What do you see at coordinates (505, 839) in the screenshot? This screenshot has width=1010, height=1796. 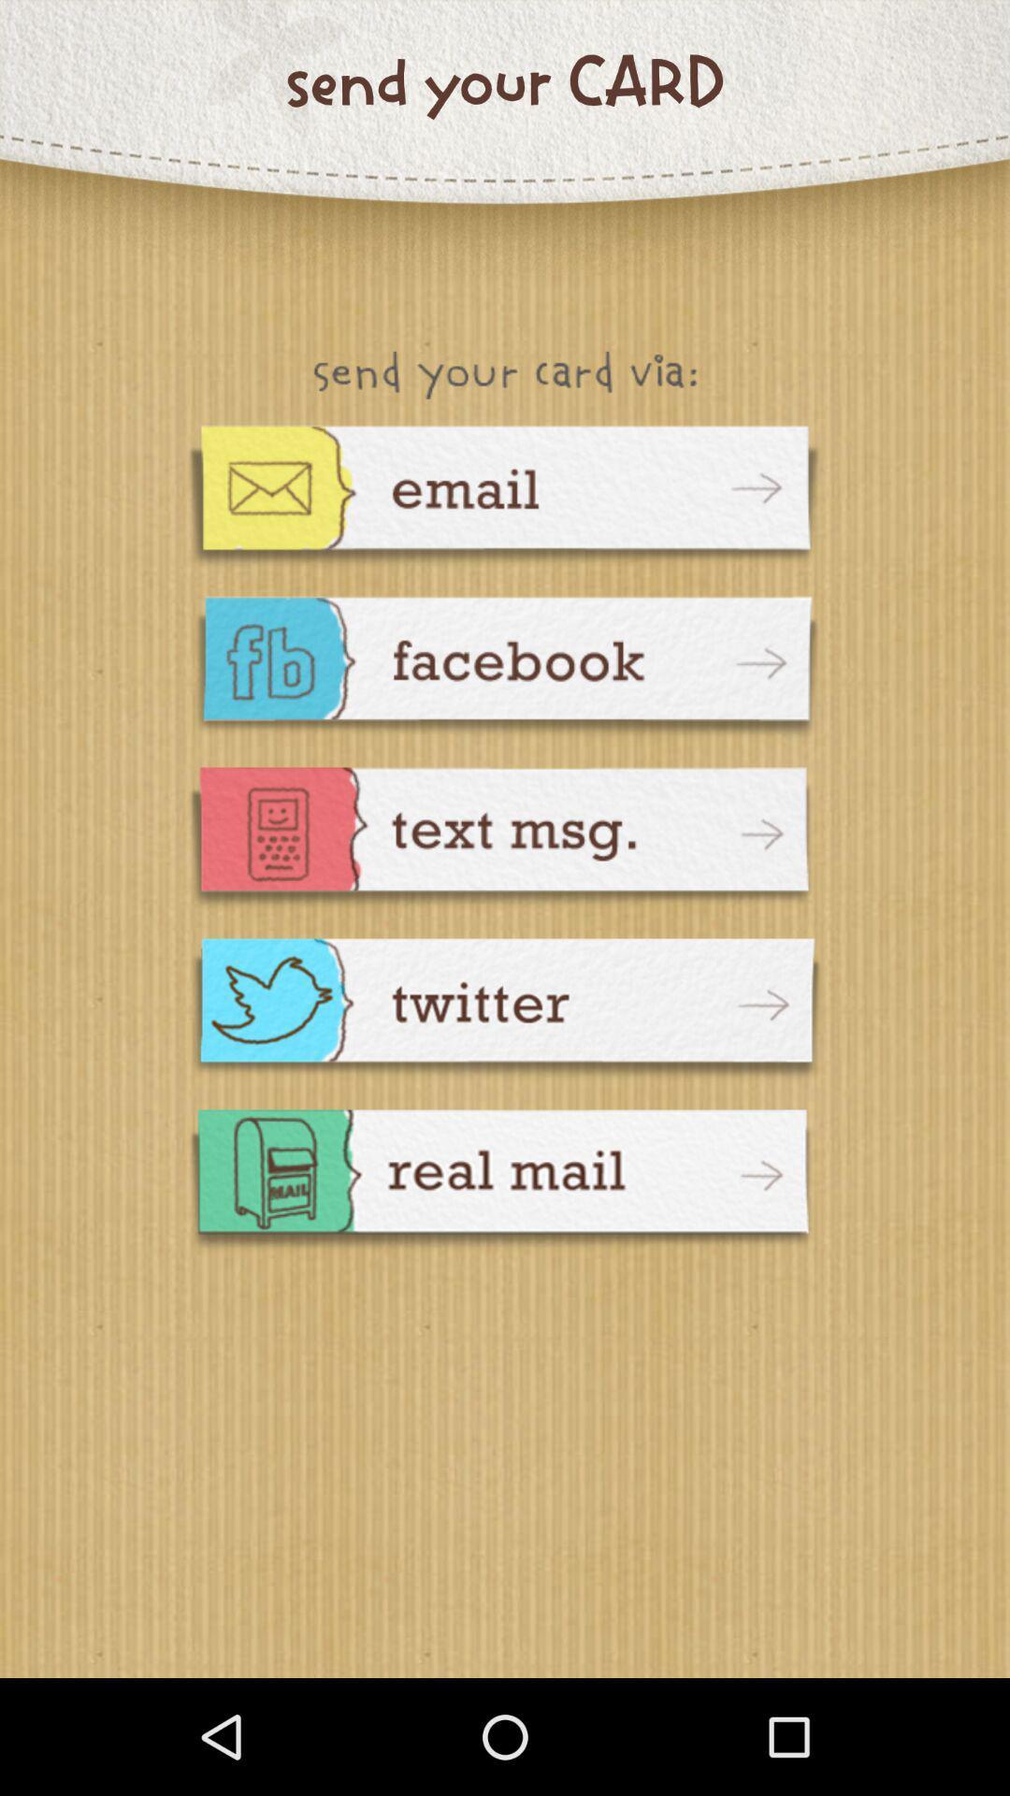 I see `send through text message` at bounding box center [505, 839].